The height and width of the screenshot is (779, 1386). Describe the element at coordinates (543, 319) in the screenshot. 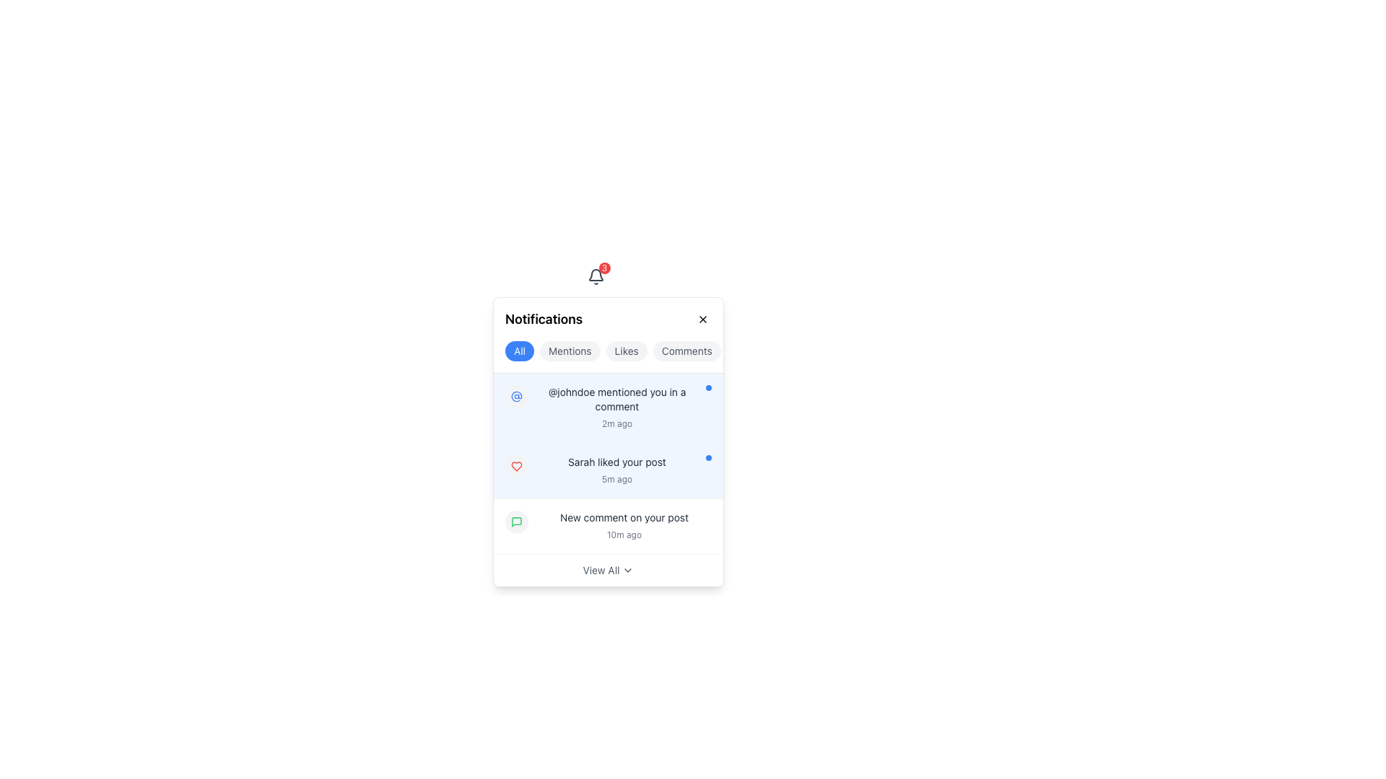

I see `the 'Notifications' text label, which is a bold heading located at the top of a dropdown panel, centered above interactive menu options` at that location.